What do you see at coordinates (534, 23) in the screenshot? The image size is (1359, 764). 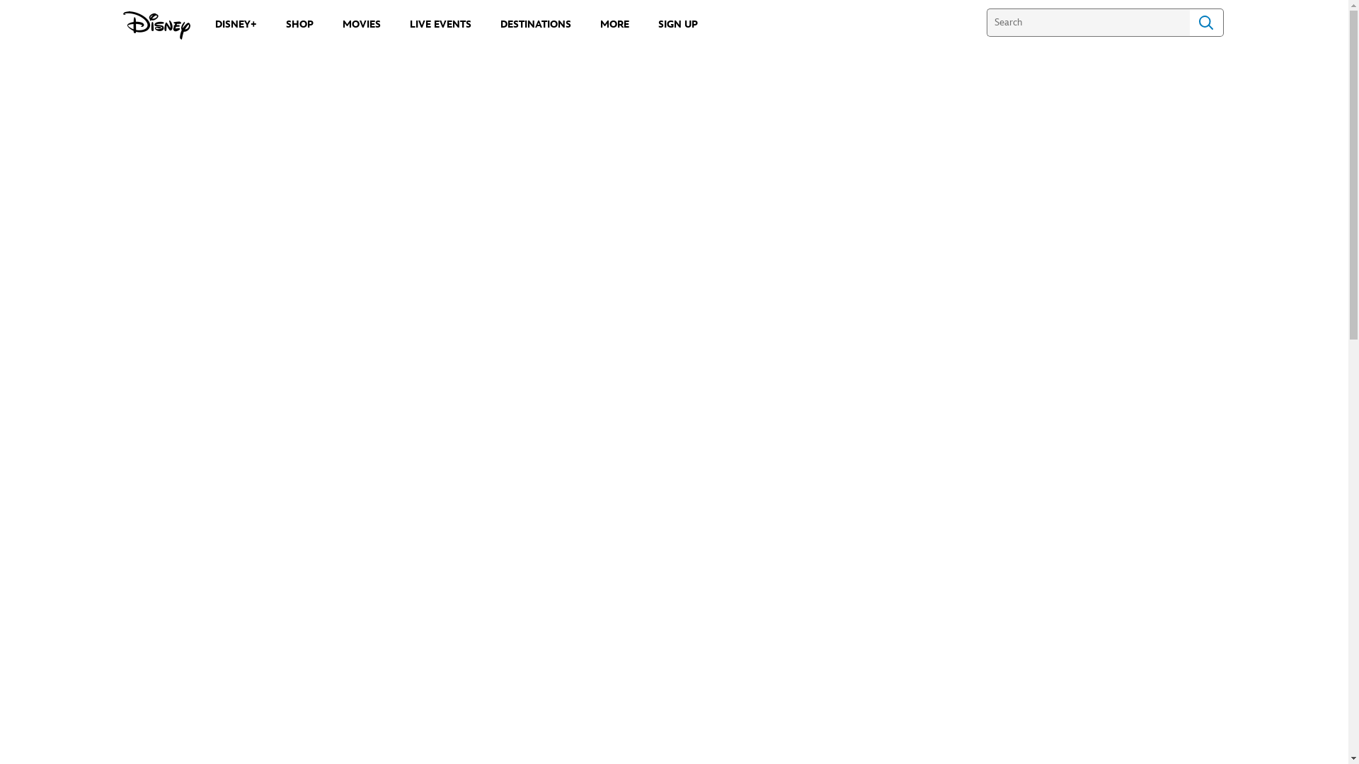 I see `'DESTINATIONS'` at bounding box center [534, 23].